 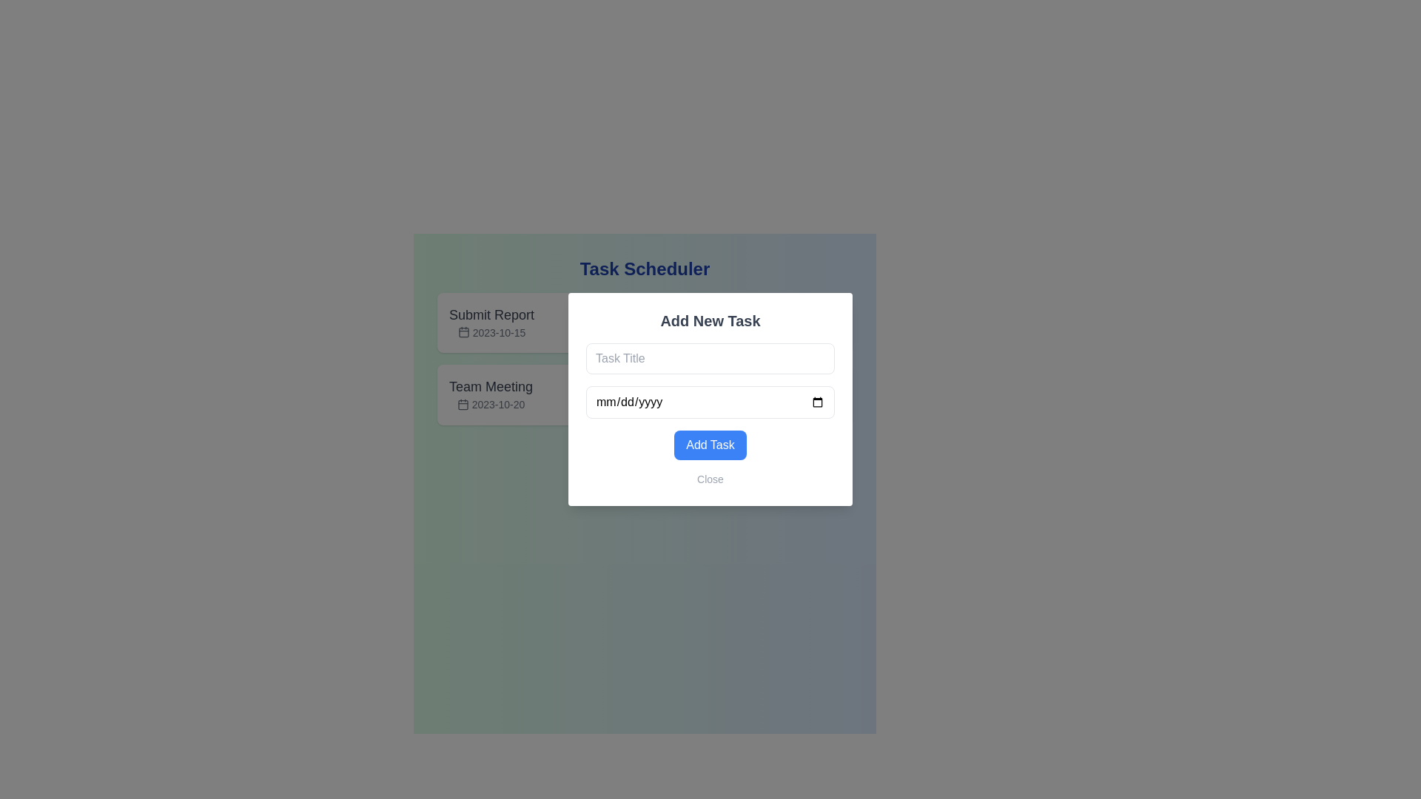 I want to click on the small calendar icon located to the left of the text '2023-10-20' in the task labeled 'Team Meeting', so click(x=462, y=404).